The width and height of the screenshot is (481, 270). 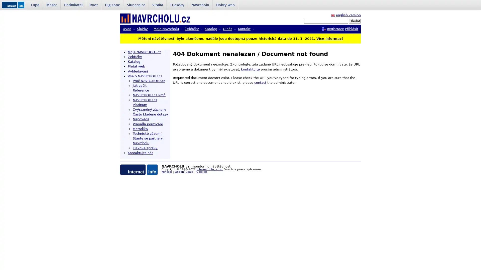 What do you see at coordinates (354, 21) in the screenshot?
I see `Hledat` at bounding box center [354, 21].